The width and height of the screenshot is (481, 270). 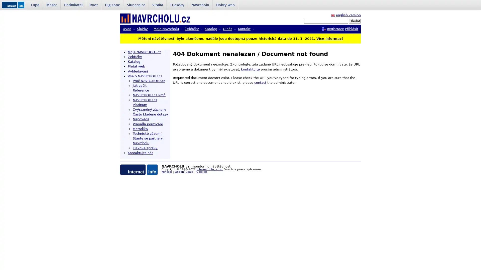 What do you see at coordinates (354, 21) in the screenshot?
I see `Hledat` at bounding box center [354, 21].